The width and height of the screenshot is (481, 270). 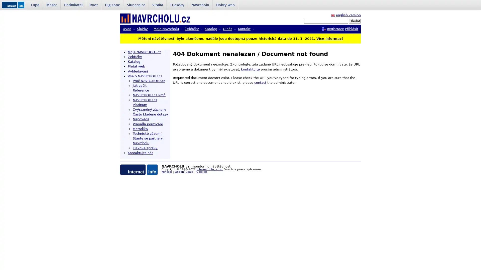 What do you see at coordinates (354, 21) in the screenshot?
I see `Hledat` at bounding box center [354, 21].